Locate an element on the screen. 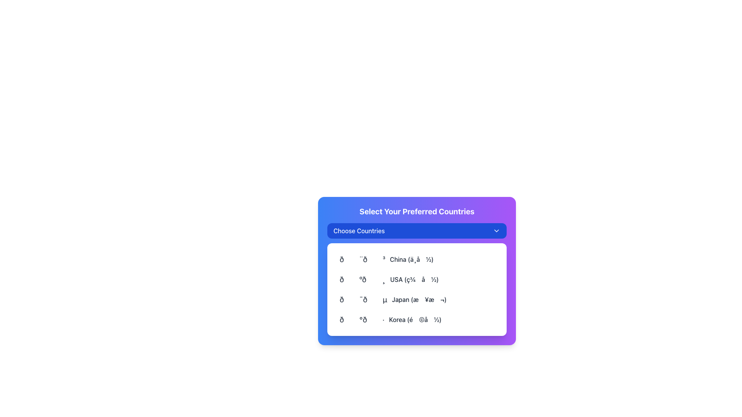 This screenshot has height=417, width=742. the Text label that identifies the list item associated with the country 'China', located in the second item of the list under the blue 'Choose Countries' bar is located at coordinates (411, 259).